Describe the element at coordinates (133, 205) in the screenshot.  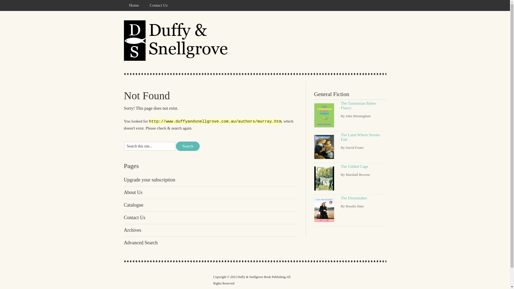
I see `'Catalogue'` at that location.